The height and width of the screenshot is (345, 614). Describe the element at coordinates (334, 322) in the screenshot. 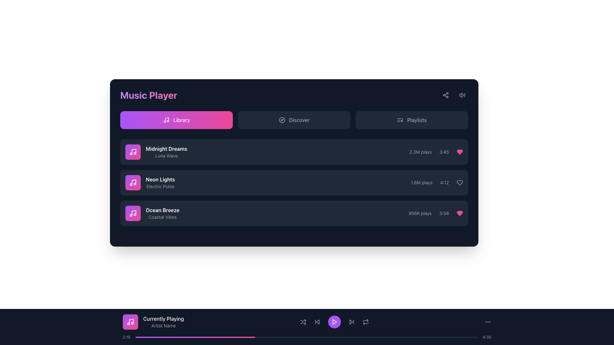

I see `the play button located in the bottom section of the interface to initiate or resume media playback` at that location.